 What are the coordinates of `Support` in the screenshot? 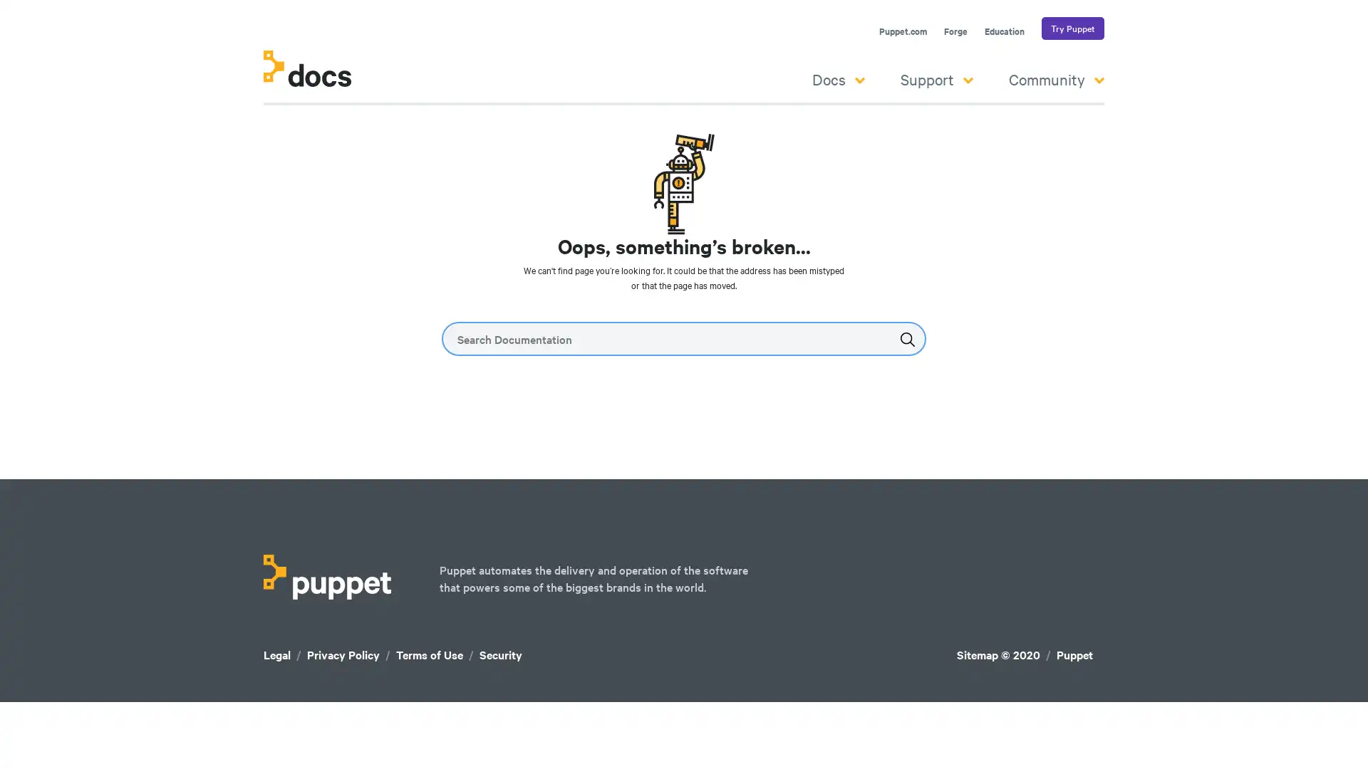 It's located at (937, 86).